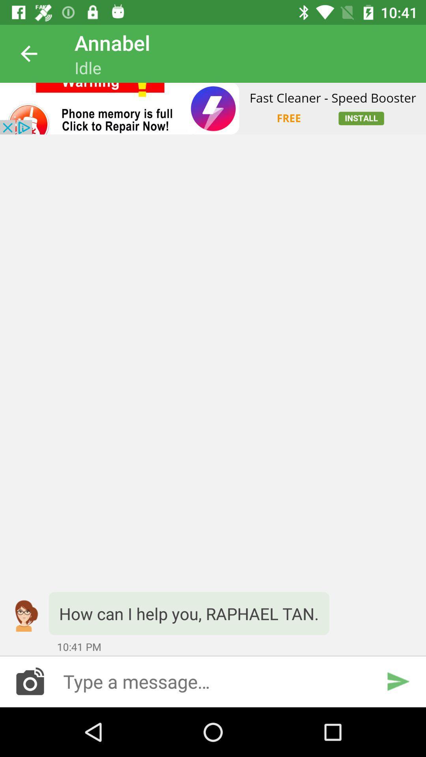 The image size is (426, 757). I want to click on send message, so click(398, 681).